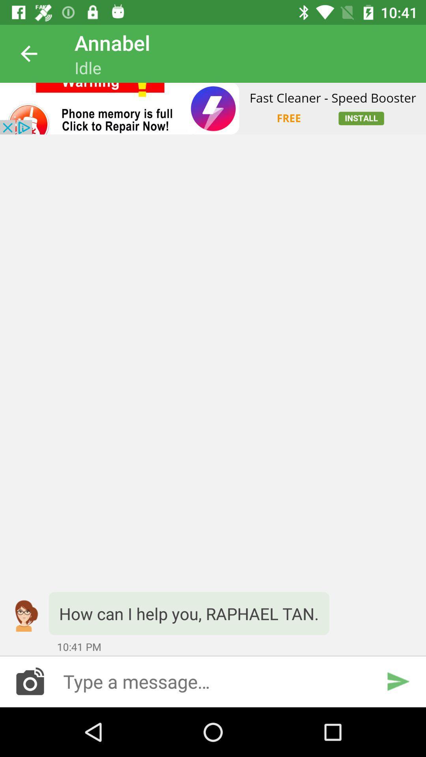 The image size is (426, 757). I want to click on send message, so click(398, 681).